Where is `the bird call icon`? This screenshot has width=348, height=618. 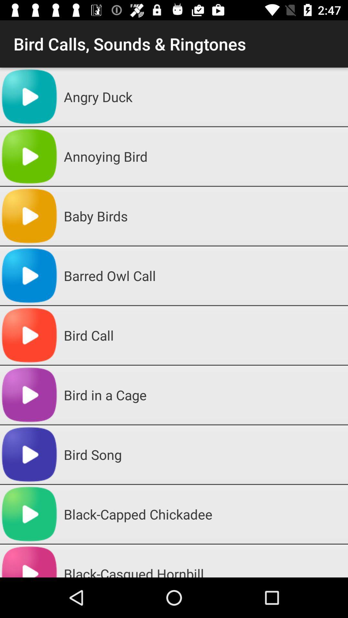 the bird call icon is located at coordinates (203, 335).